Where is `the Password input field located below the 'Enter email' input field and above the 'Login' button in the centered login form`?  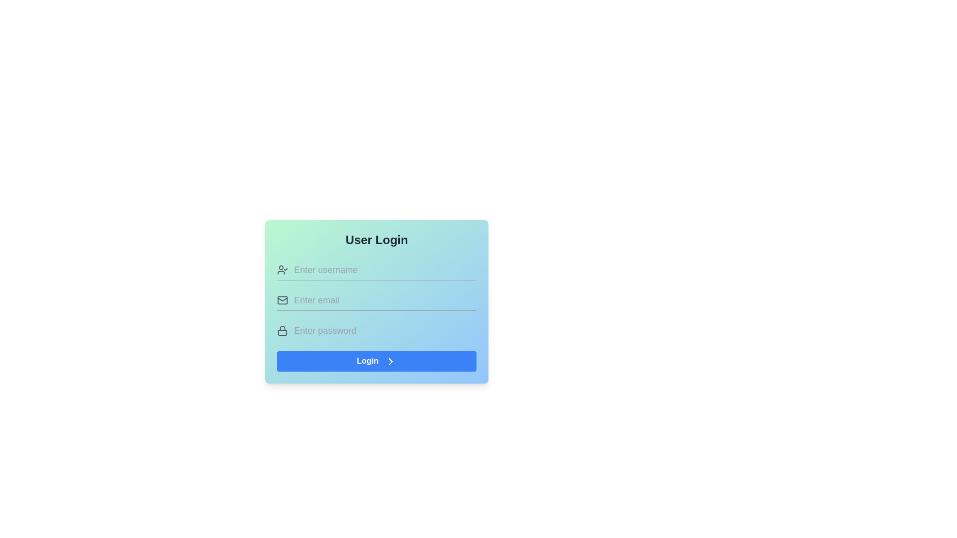
the Password input field located below the 'Enter email' input field and above the 'Login' button in the centered login form is located at coordinates (376, 330).